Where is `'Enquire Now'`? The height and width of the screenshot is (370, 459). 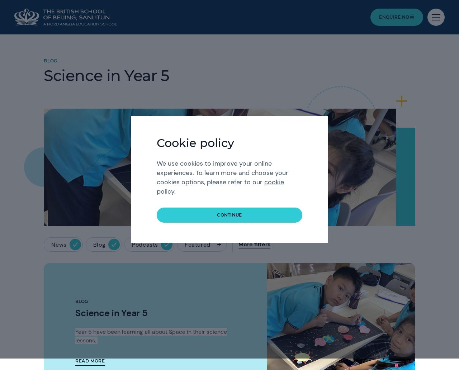 'Enquire Now' is located at coordinates (379, 17).